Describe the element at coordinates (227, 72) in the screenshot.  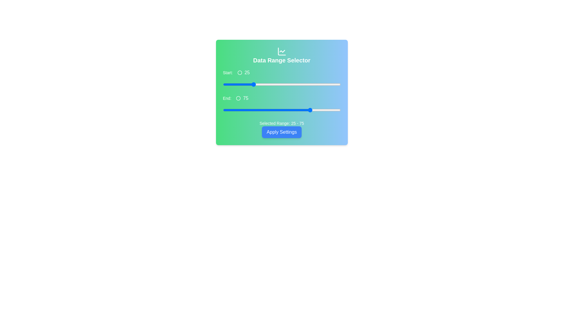
I see `the text label 'Start:' which is styled with a small font size and white color, located in the upper left section of the data range selector interface` at that location.